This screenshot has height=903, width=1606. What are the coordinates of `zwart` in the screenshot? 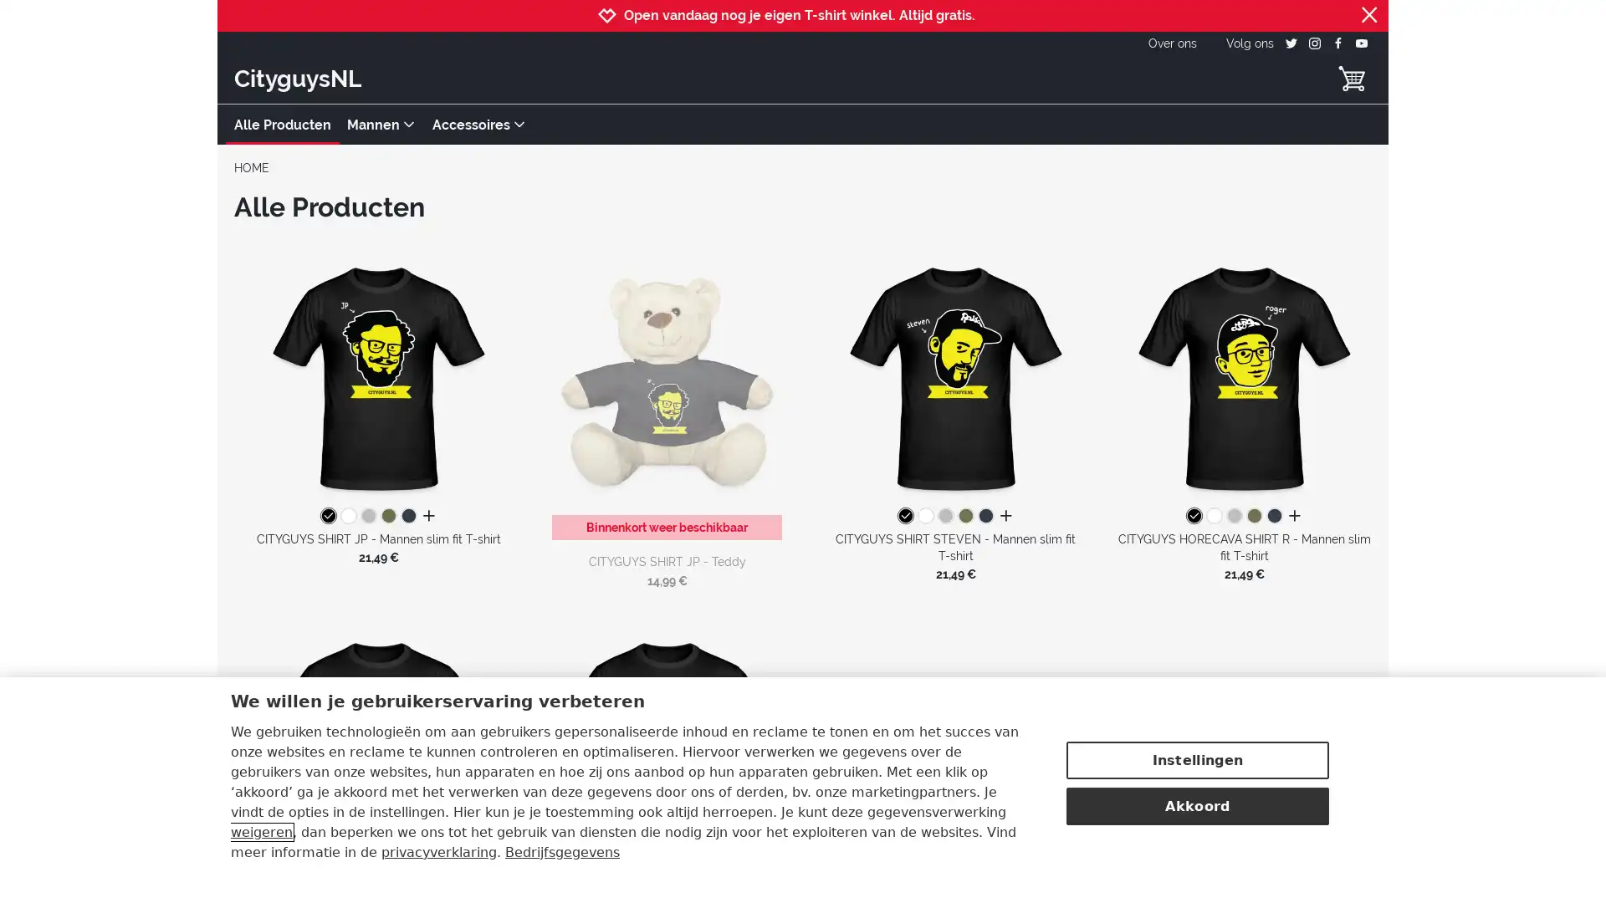 It's located at (903, 516).